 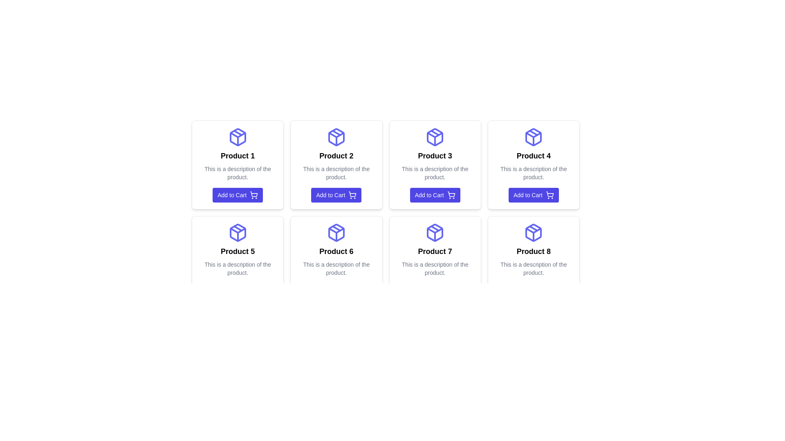 I want to click on the SVG shopping cart icon located at the far right of the 'Add to Cart' button in the fourth product card from the left in the top row of the grid layout, so click(x=549, y=195).